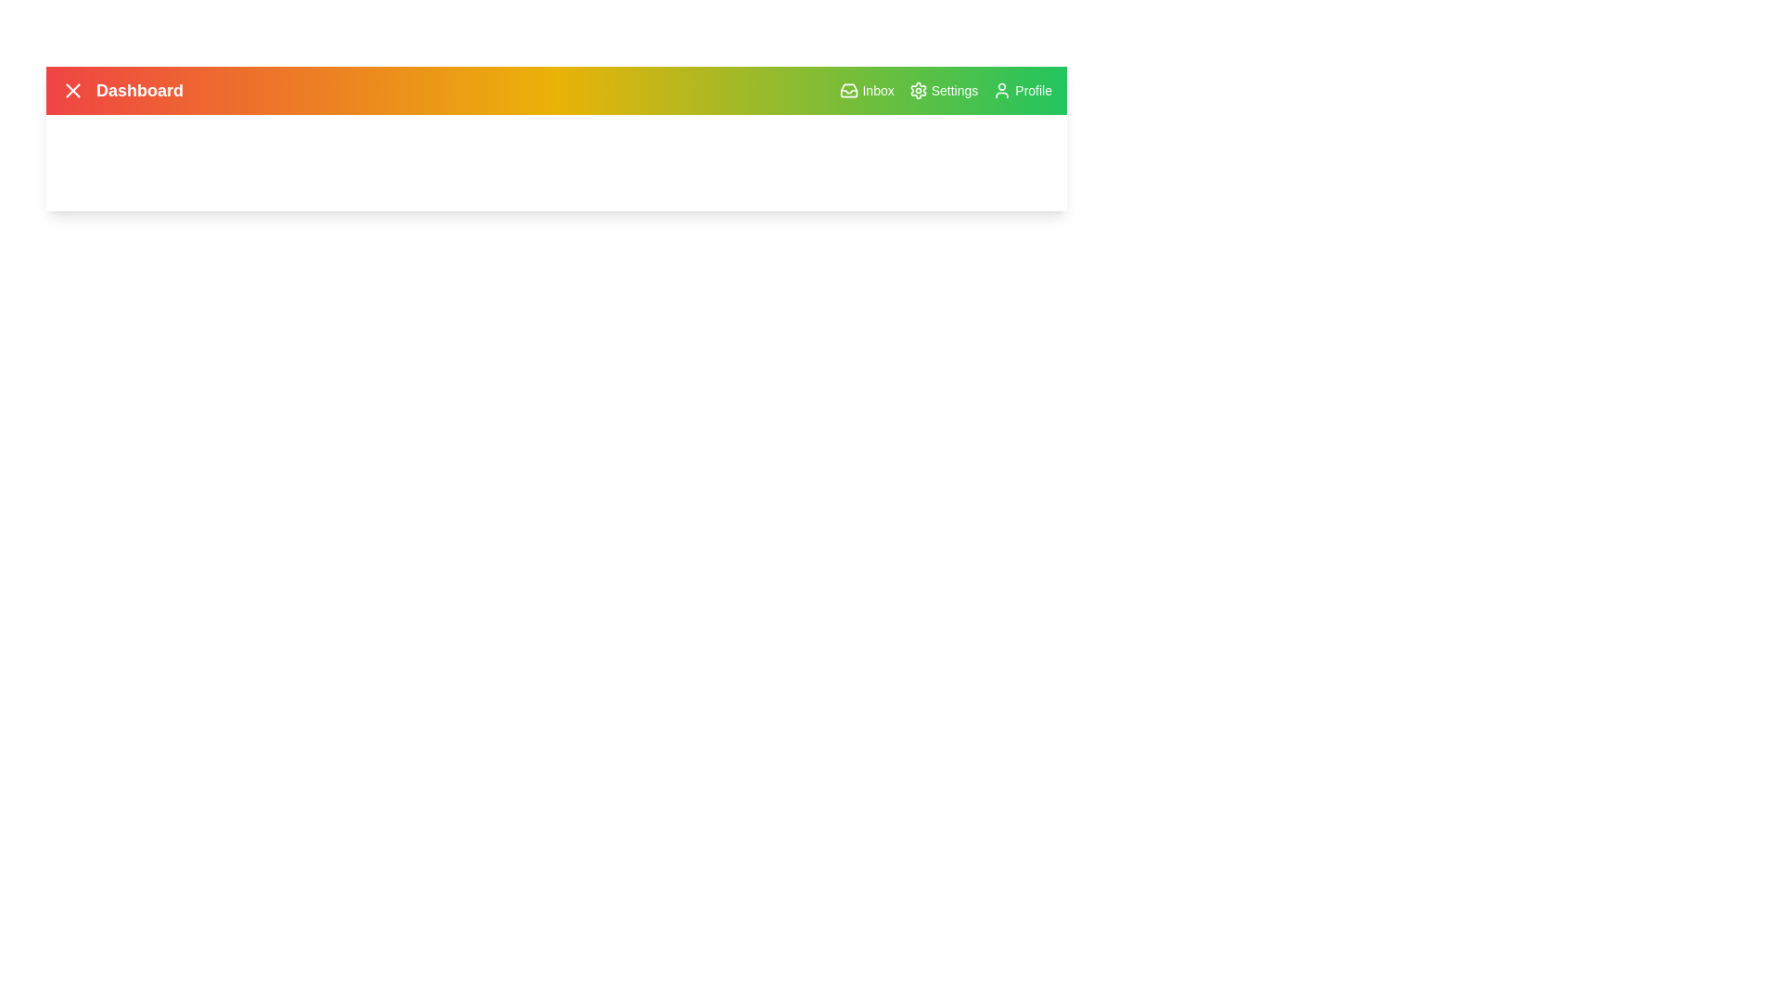 This screenshot has width=1780, height=1001. What do you see at coordinates (943, 90) in the screenshot?
I see `the 'Settings' button to access the user settings` at bounding box center [943, 90].